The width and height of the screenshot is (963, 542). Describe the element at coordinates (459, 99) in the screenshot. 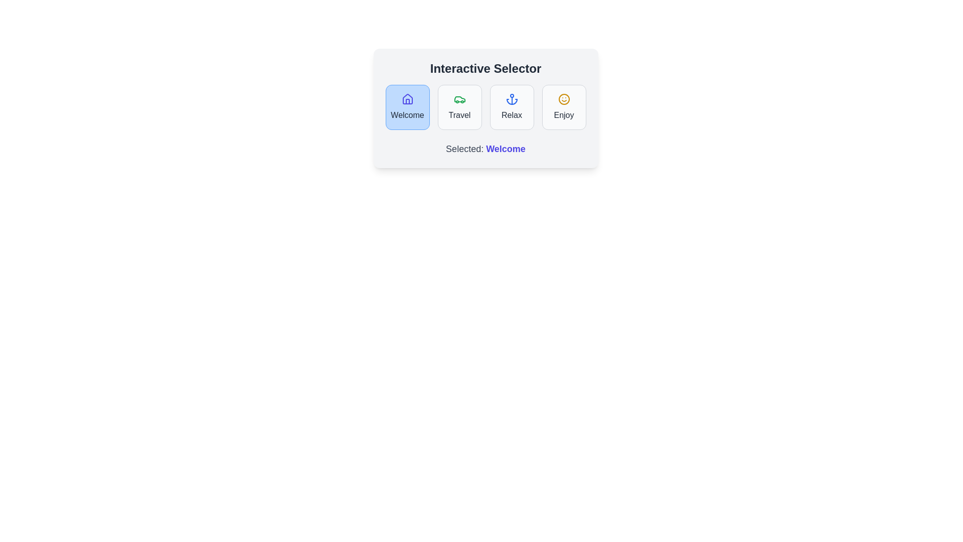

I see `the graphic icon representing a car within the 'Travel' button, which is the second option in a horizontal array of buttons` at that location.